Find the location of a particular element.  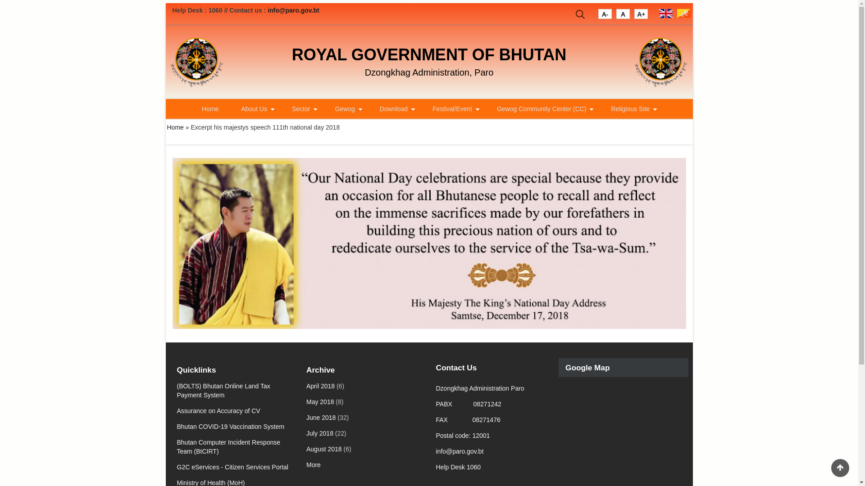

'A' is located at coordinates (622, 15).